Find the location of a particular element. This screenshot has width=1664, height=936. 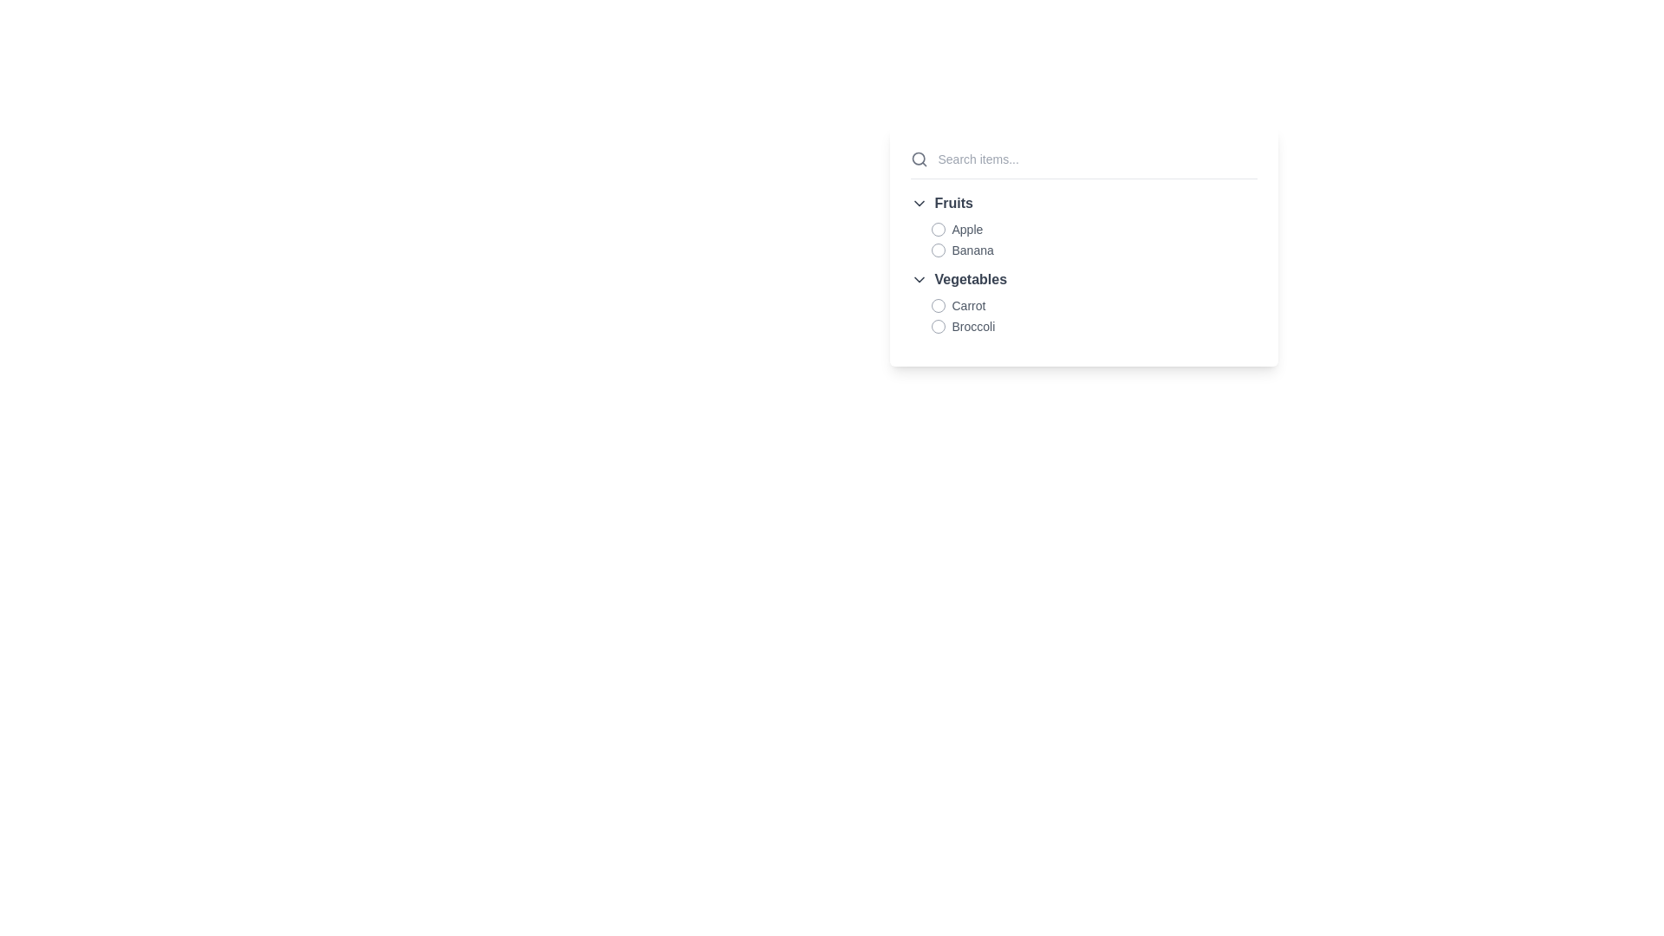

the text label reading 'Banana', which is styled in gray and positioned next to a circular icon in the 'Fruits' section of the menu is located at coordinates (972, 250).